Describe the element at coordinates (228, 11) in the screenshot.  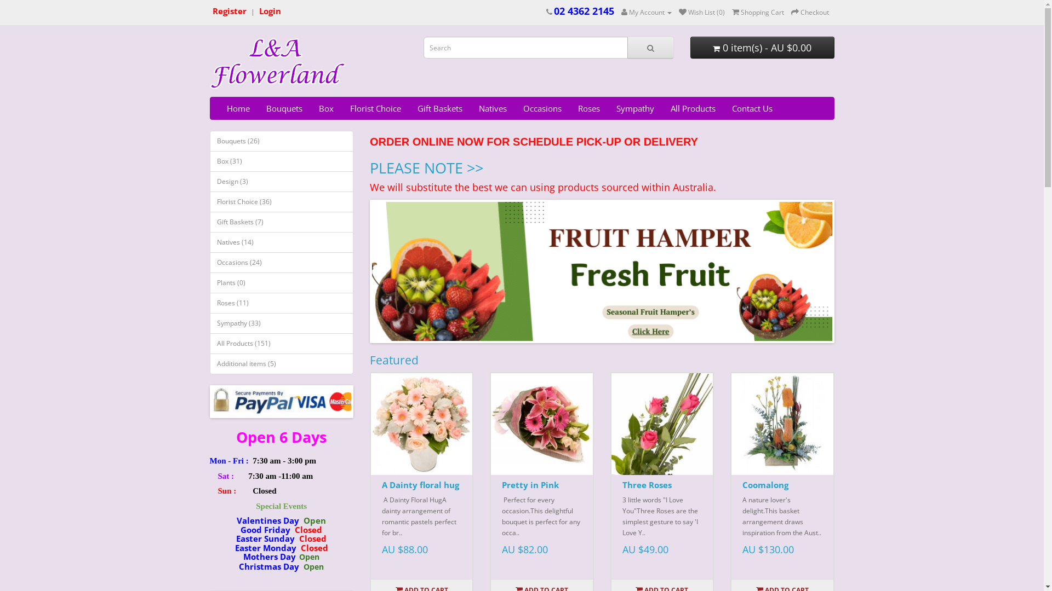
I see `'Register'` at that location.